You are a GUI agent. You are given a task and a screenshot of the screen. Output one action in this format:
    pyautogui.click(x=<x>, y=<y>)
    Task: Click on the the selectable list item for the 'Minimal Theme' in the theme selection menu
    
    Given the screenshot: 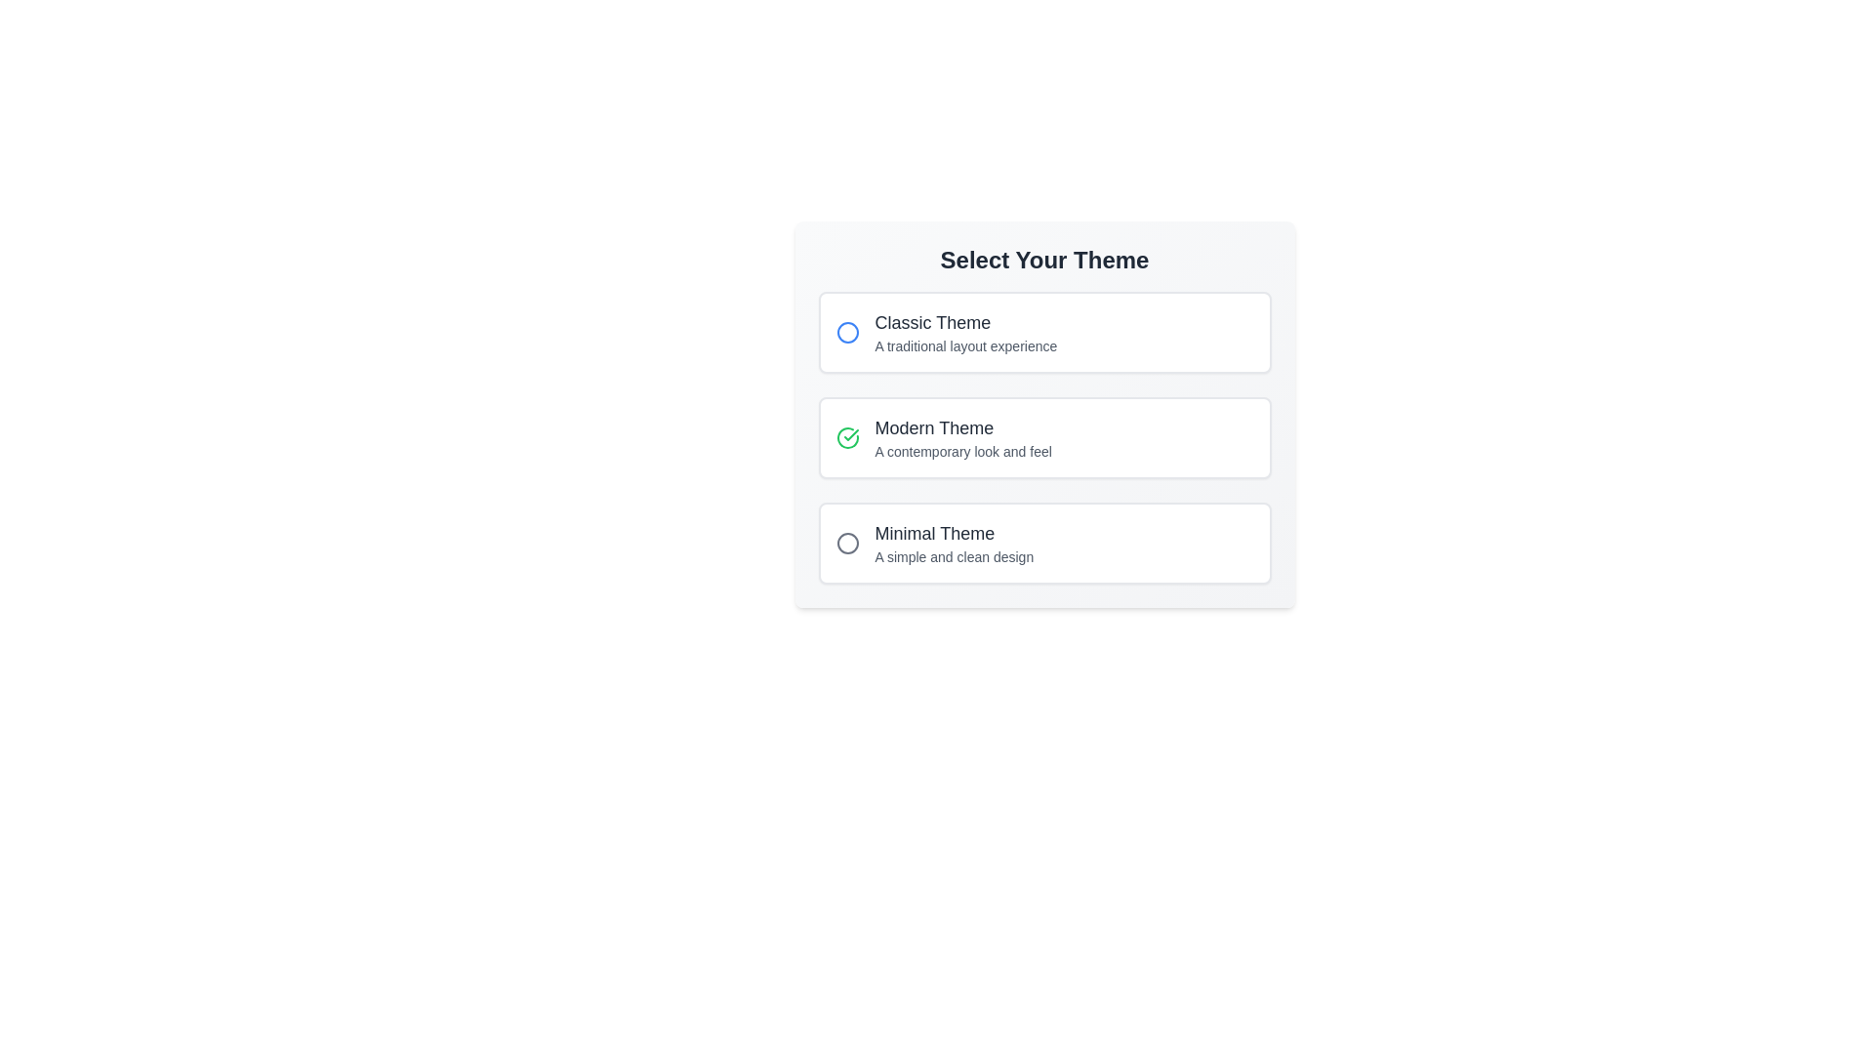 What is the action you would take?
    pyautogui.click(x=1043, y=543)
    